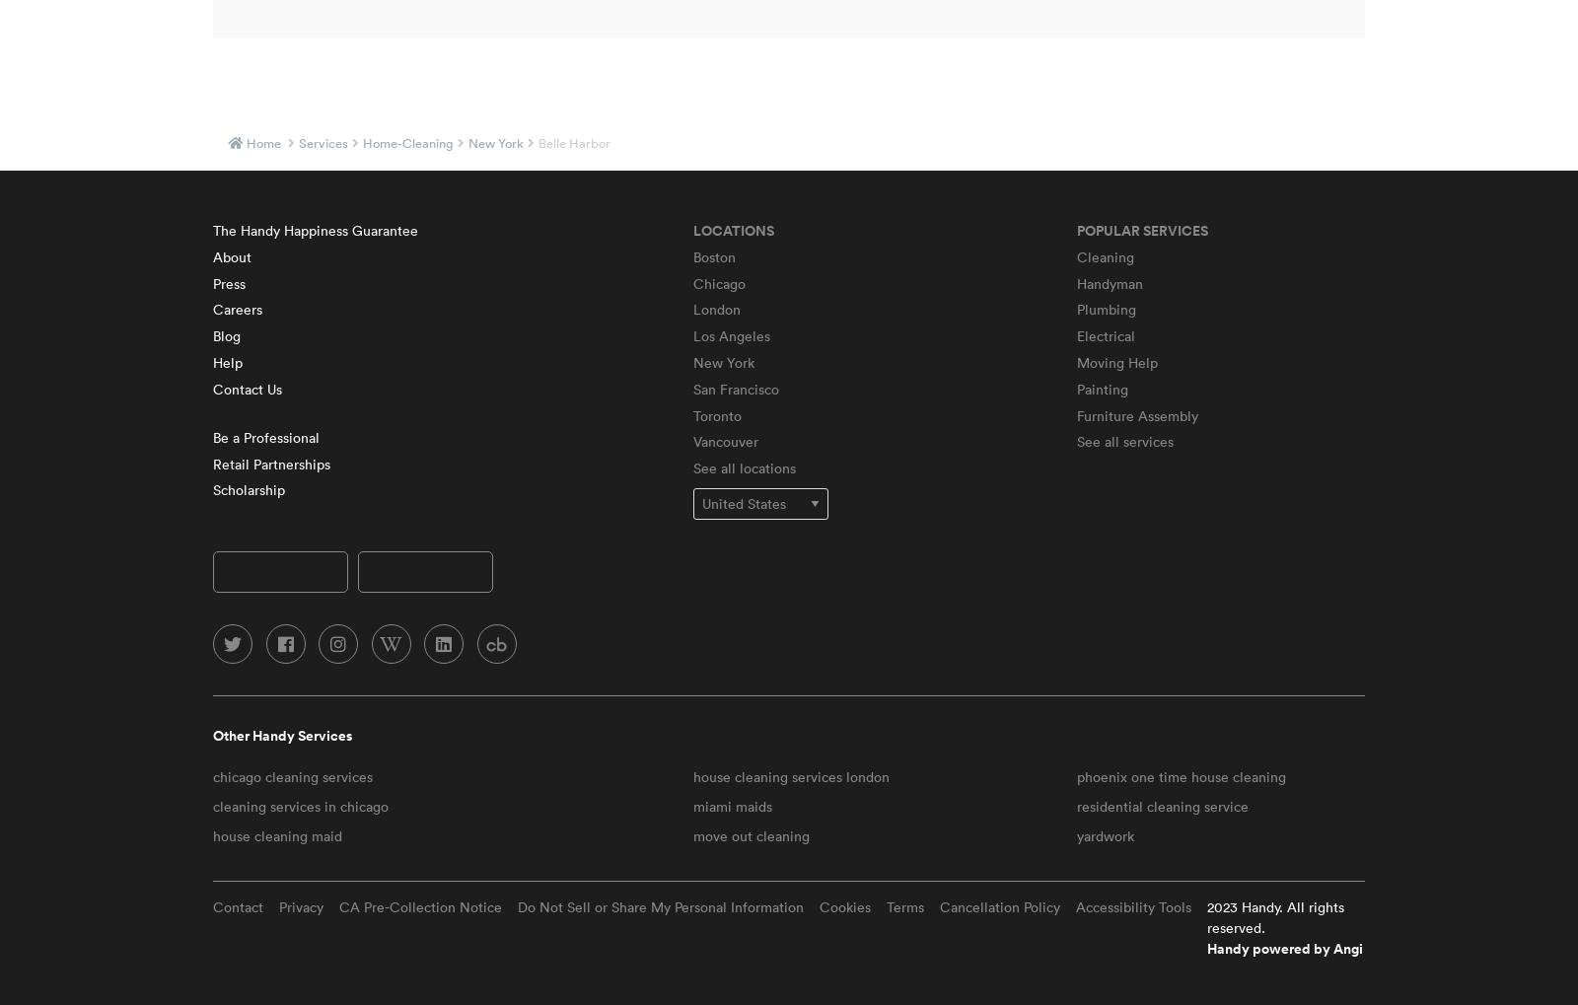 The height and width of the screenshot is (1005, 1578). Describe the element at coordinates (263, 143) in the screenshot. I see `'Home'` at that location.